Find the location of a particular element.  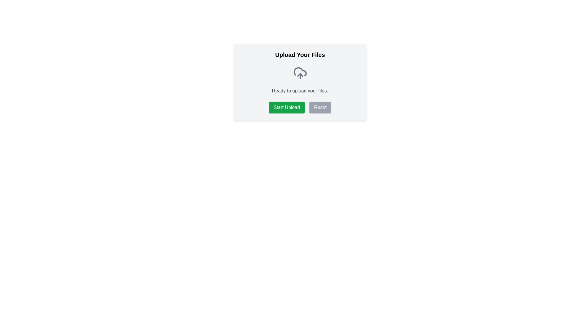

the gray 'Reset' button with white text, located to the right of the 'Start Upload' button in the upload modal is located at coordinates (320, 107).